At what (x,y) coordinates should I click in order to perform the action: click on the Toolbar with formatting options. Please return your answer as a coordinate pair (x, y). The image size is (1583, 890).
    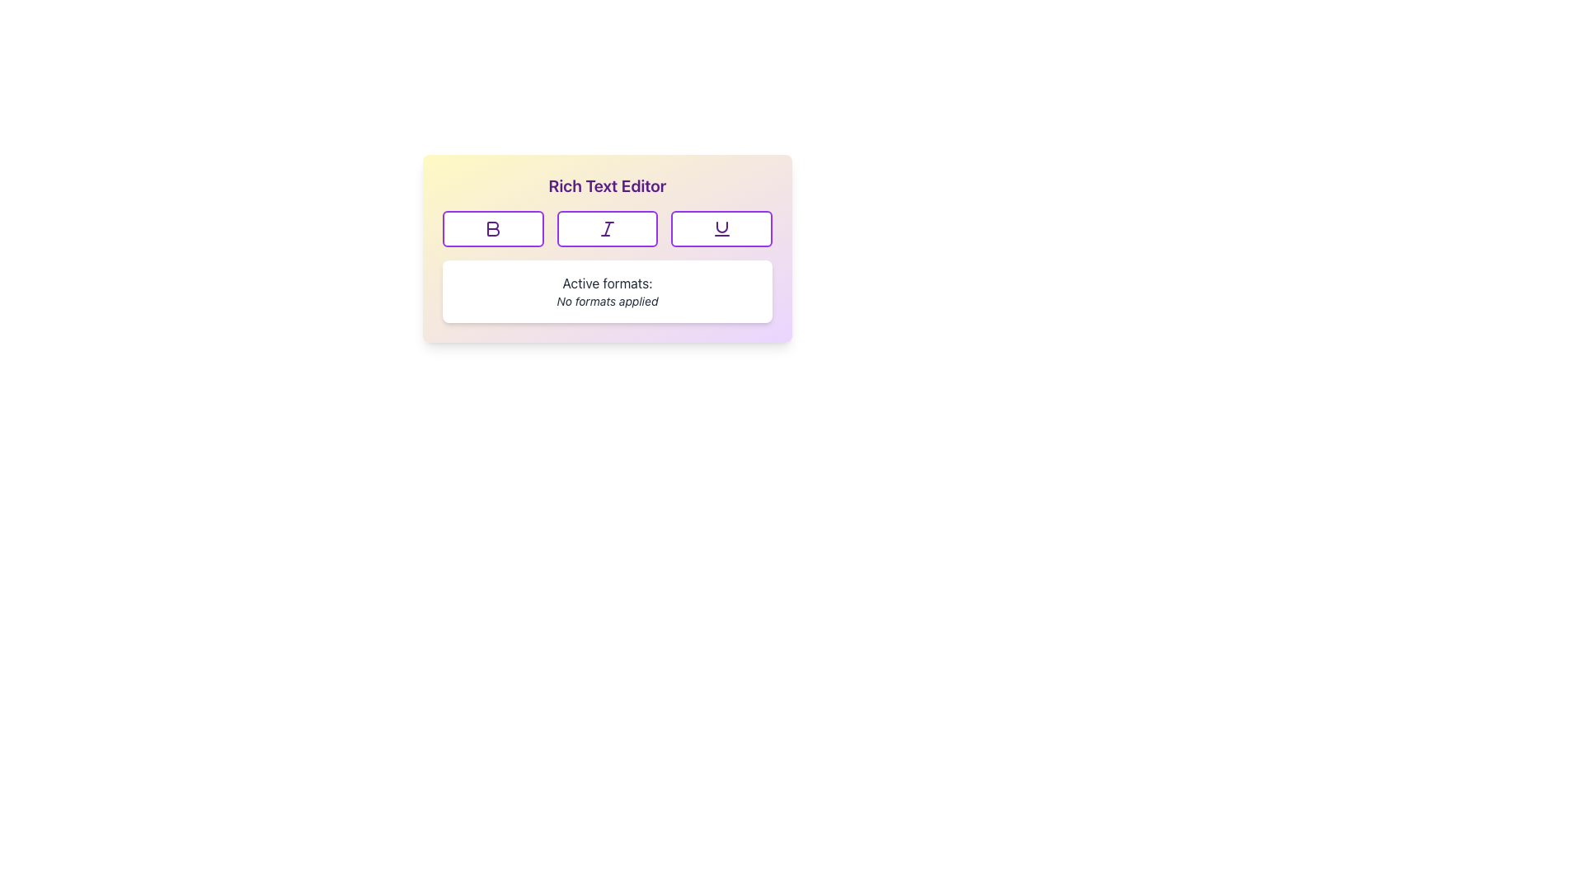
    Looking at the image, I should click on (607, 228).